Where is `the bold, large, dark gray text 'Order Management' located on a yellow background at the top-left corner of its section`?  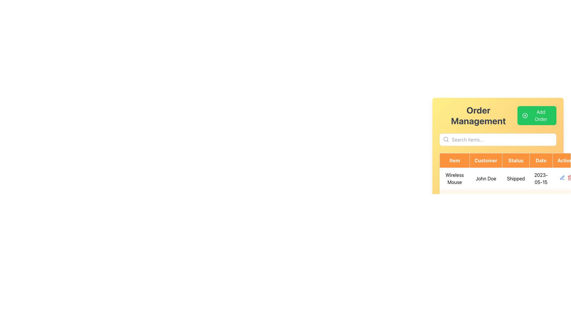 the bold, large, dark gray text 'Order Management' located on a yellow background at the top-left corner of its section is located at coordinates (478, 116).